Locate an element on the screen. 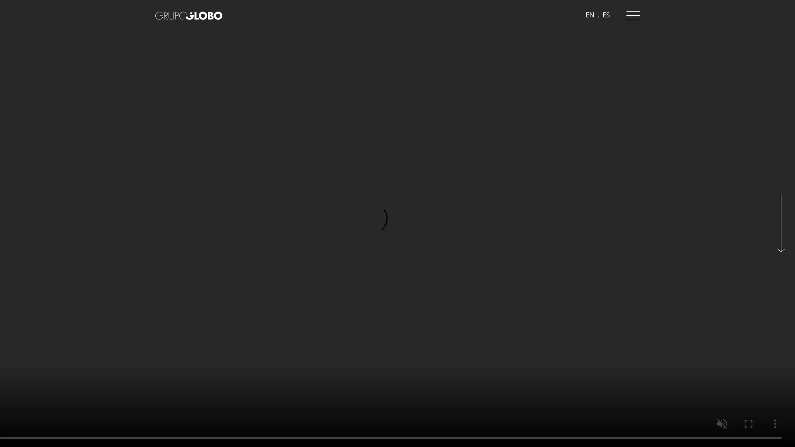  unmute is located at coordinates (721, 423).